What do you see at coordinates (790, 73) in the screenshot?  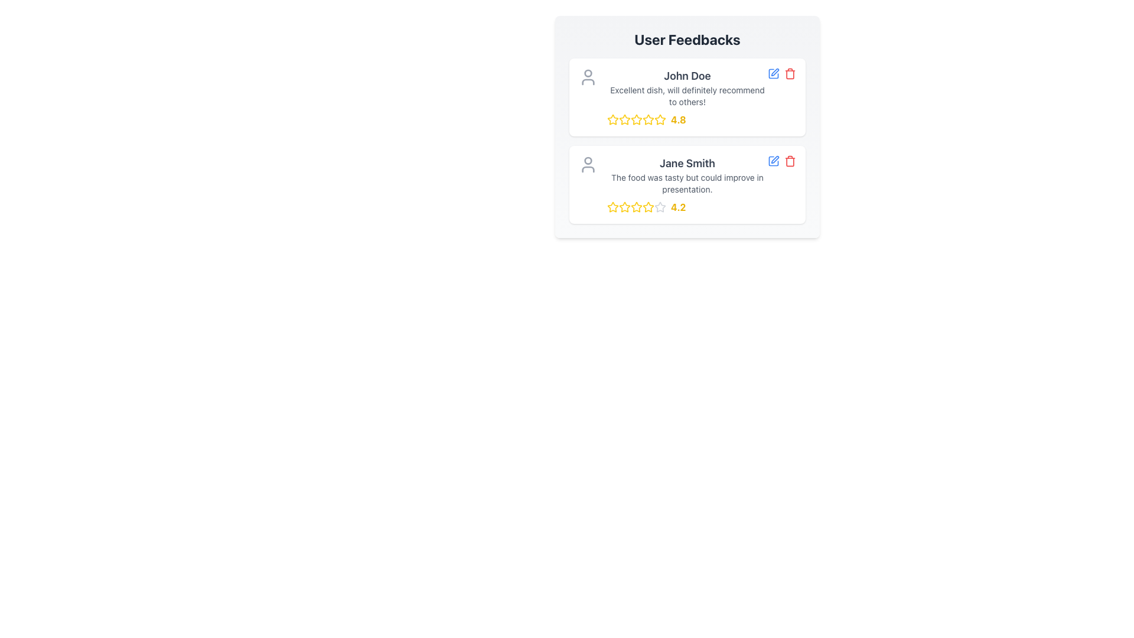 I see `the small red trash can icon located in the top-right corner of the first feedback card` at bounding box center [790, 73].